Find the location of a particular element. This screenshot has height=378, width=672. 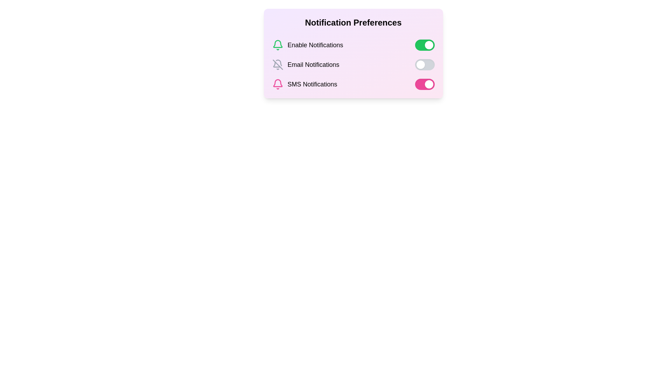

the circular indicator of the 'Enable Notifications' toggle switch is located at coordinates (428, 45).